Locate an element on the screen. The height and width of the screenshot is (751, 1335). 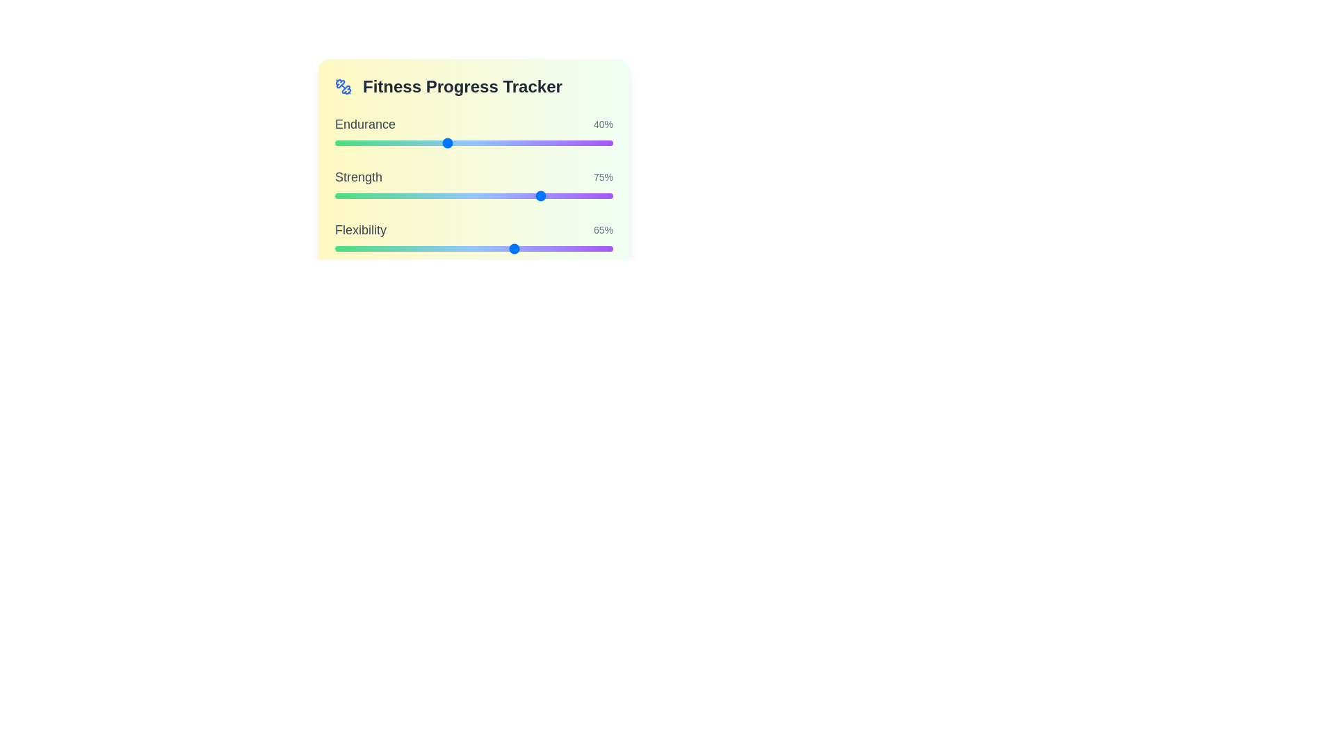
flexibility value is located at coordinates (357, 248).